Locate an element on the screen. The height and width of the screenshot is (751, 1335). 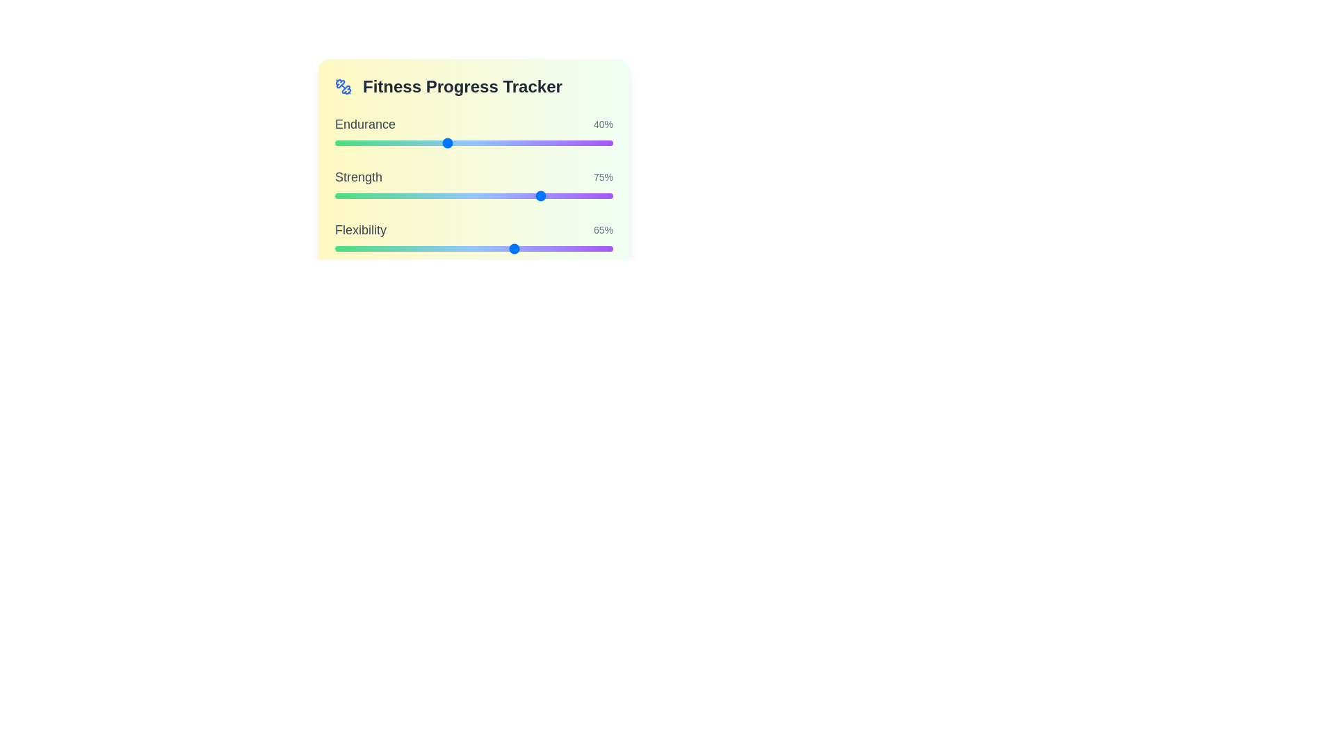
flexibility value is located at coordinates (357, 248).